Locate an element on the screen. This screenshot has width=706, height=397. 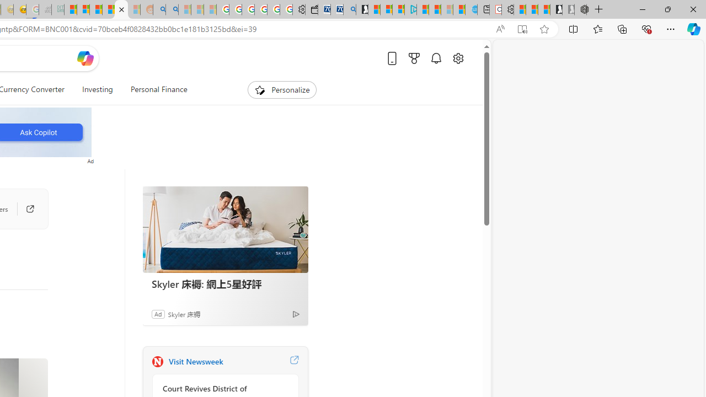
'Utah sues federal government - Search' is located at coordinates (171, 9).